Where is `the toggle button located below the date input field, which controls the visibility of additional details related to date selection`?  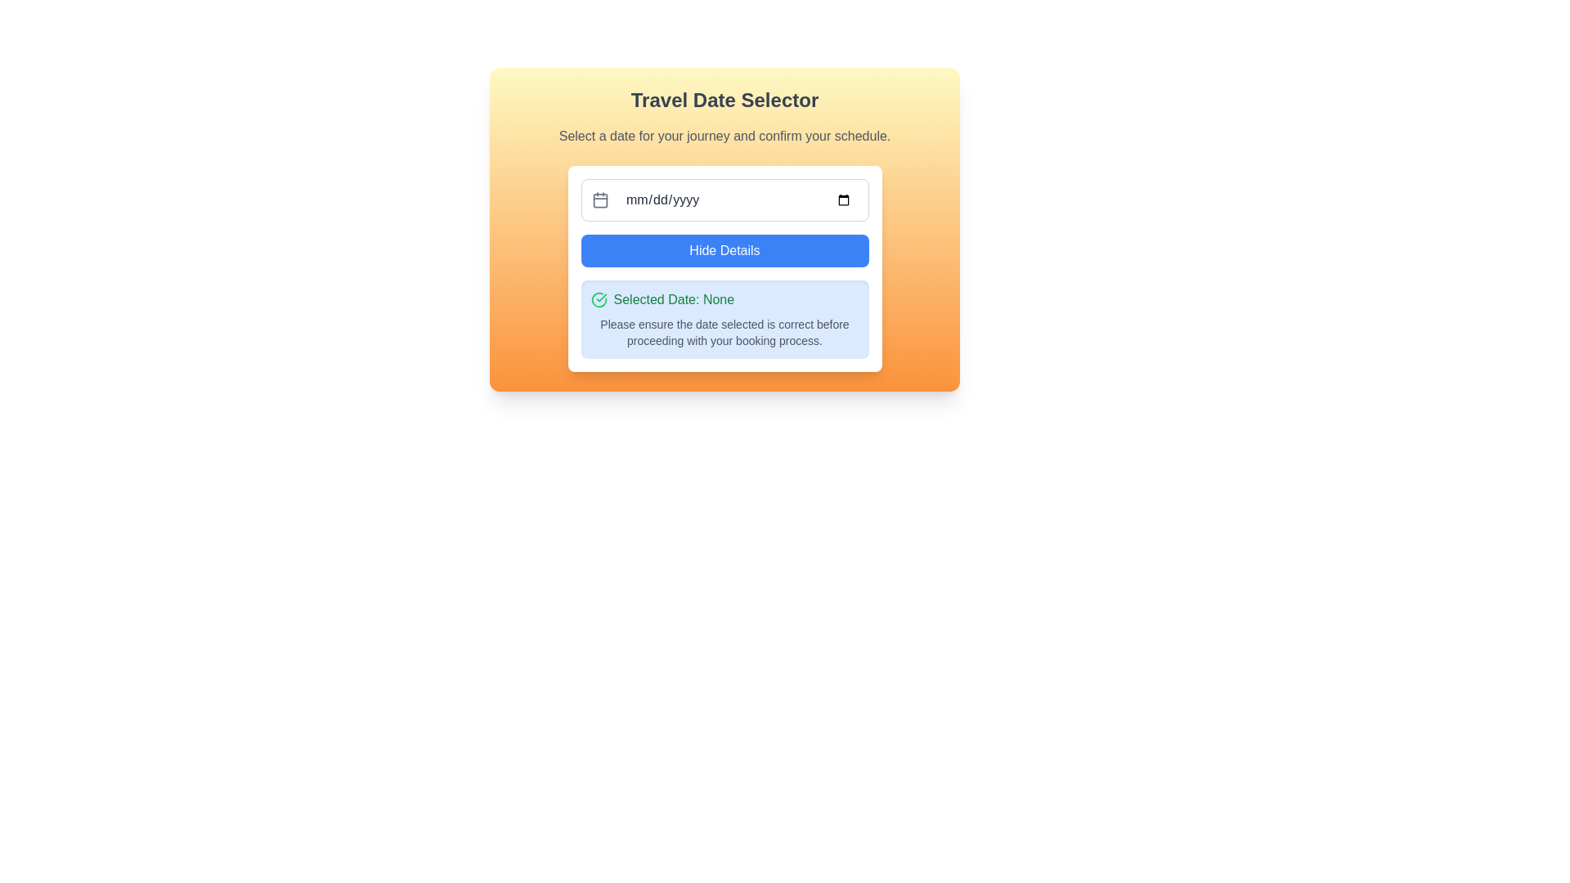 the toggle button located below the date input field, which controls the visibility of additional details related to date selection is located at coordinates (724, 251).